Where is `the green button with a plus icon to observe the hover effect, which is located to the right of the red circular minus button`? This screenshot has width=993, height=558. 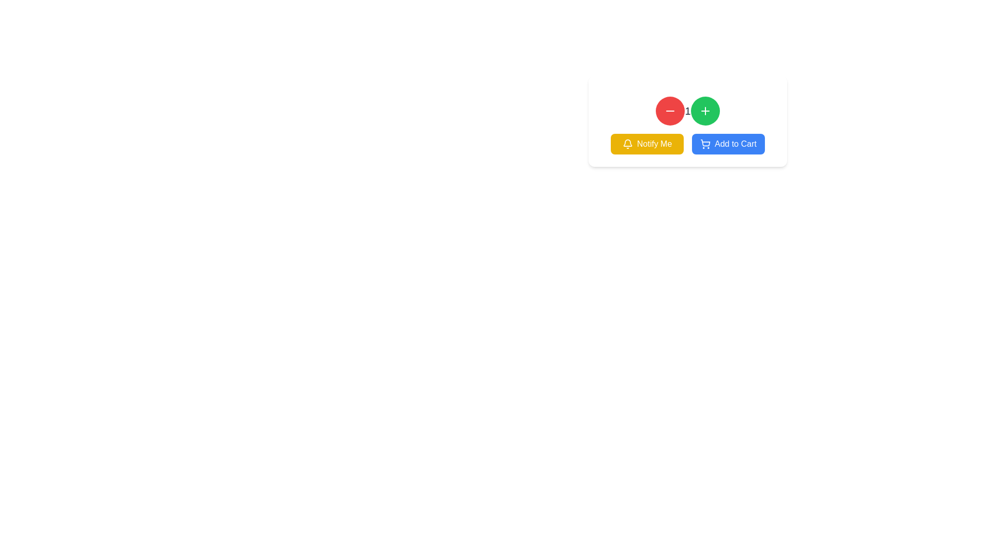
the green button with a plus icon to observe the hover effect, which is located to the right of the red circular minus button is located at coordinates (704, 111).